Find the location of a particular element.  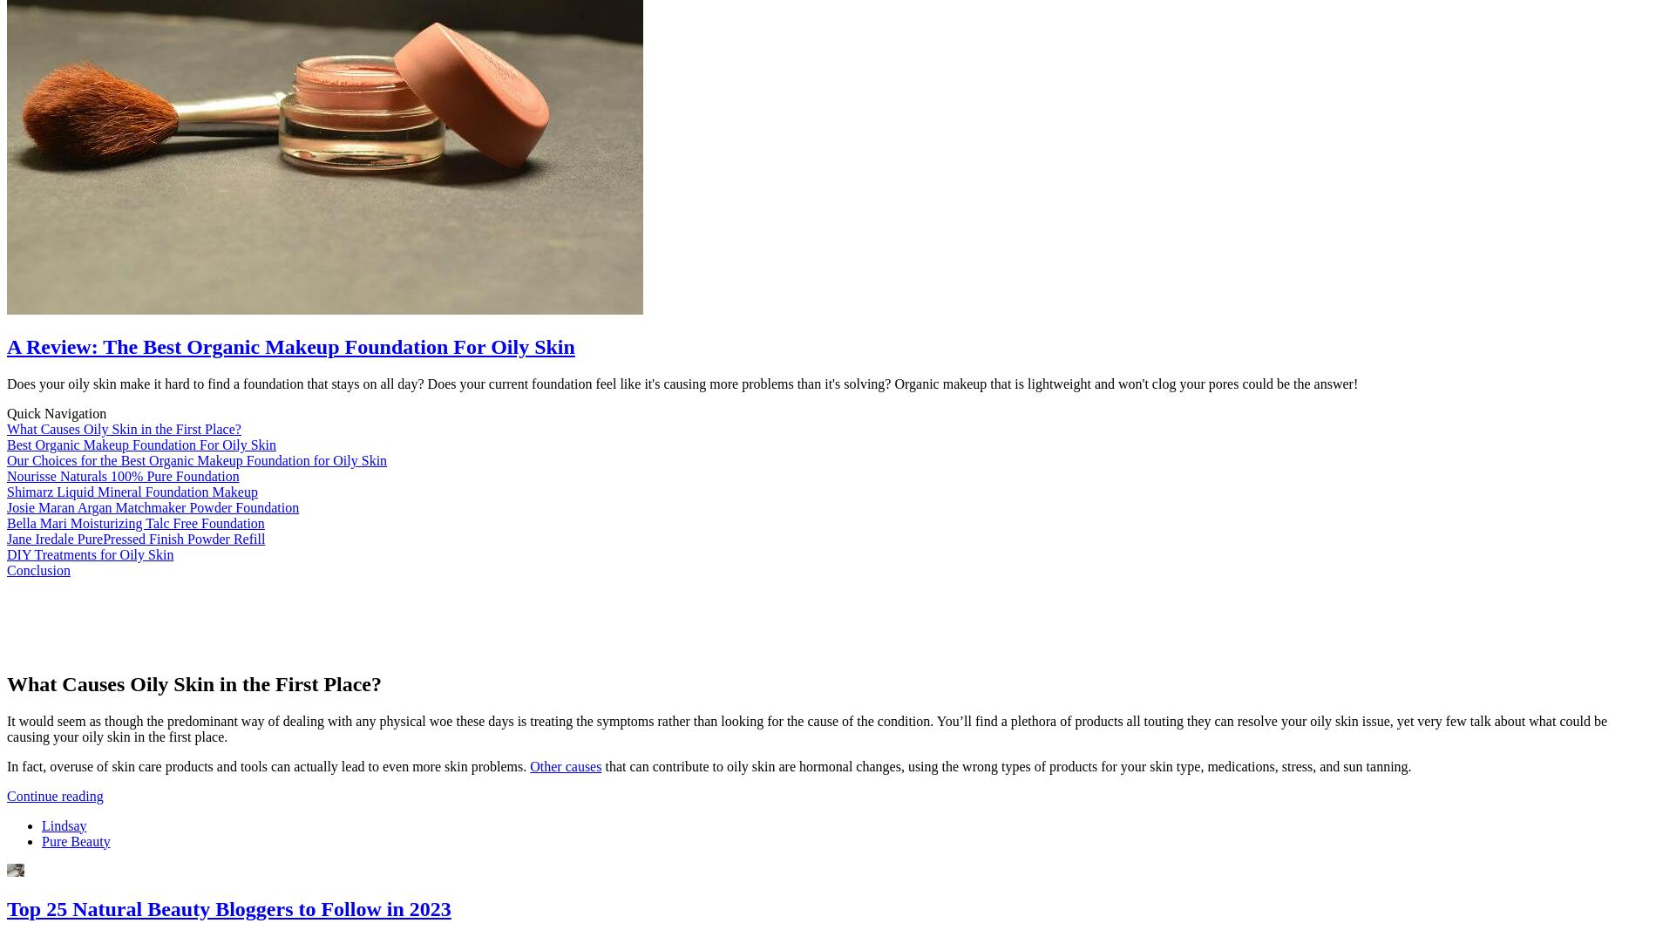

'Our Choices for the Best Organic Makeup Foundation for Oily Skin' is located at coordinates (196, 458).